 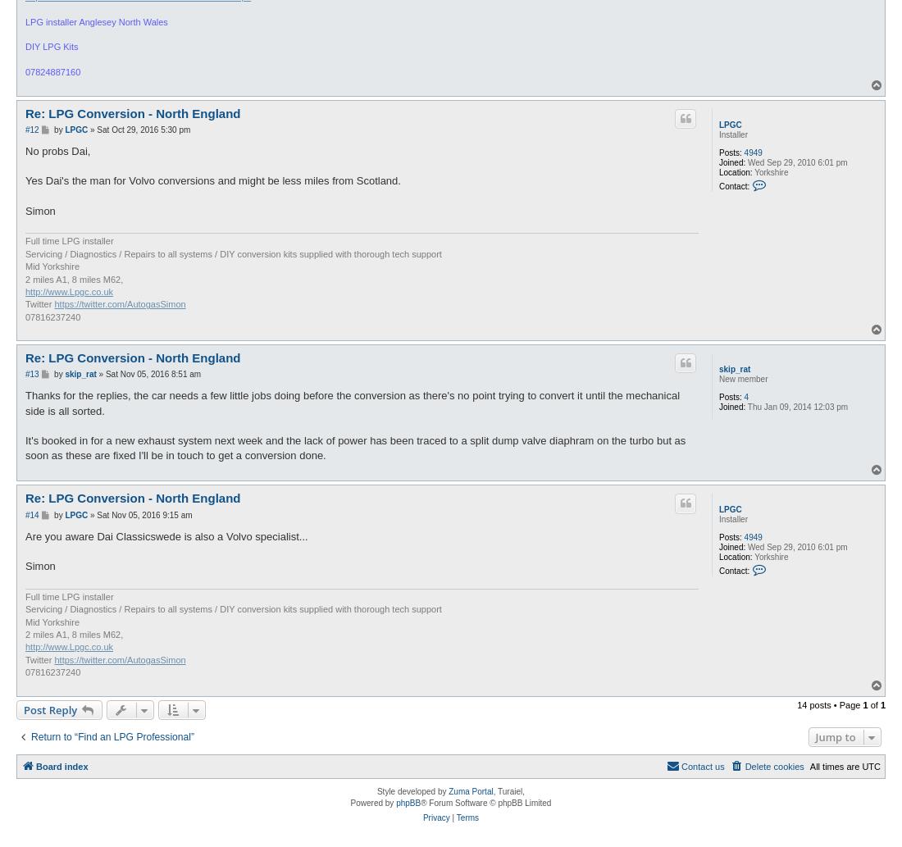 I want to click on '® Forum Software © phpBB Limited', so click(x=485, y=802).